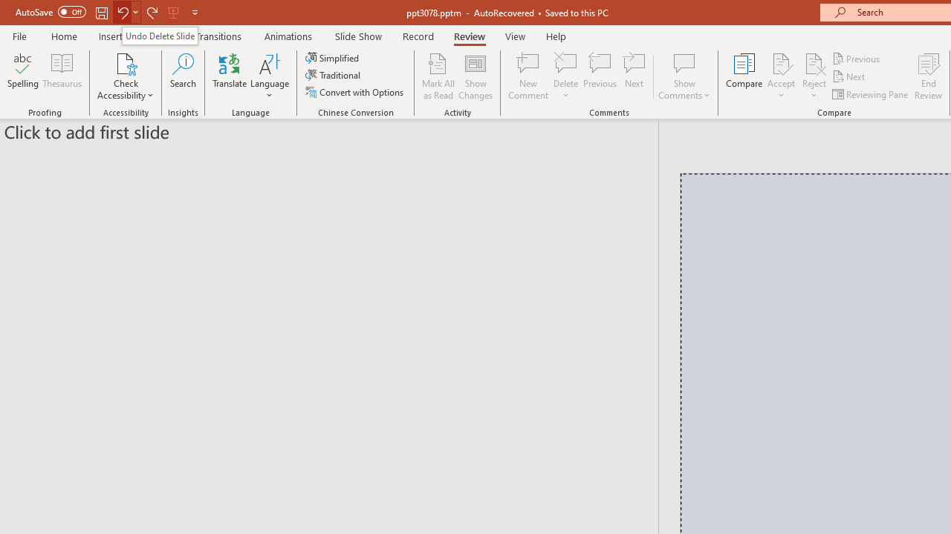 The height and width of the screenshot is (534, 951). Describe the element at coordinates (475, 76) in the screenshot. I see `'Show Changes'` at that location.